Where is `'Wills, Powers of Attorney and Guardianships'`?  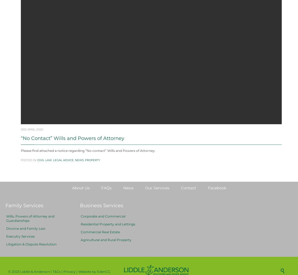 'Wills, Powers of Attorney and Guardianships' is located at coordinates (30, 231).